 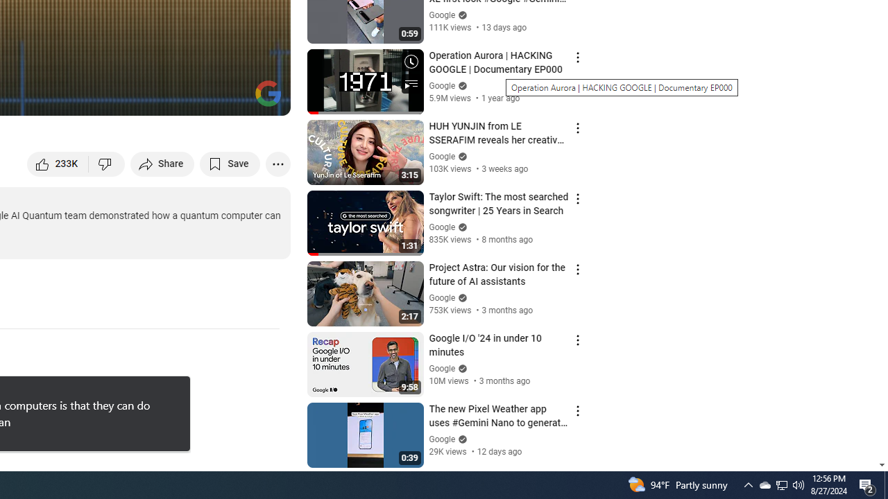 I want to click on 'Verified', so click(x=461, y=439).